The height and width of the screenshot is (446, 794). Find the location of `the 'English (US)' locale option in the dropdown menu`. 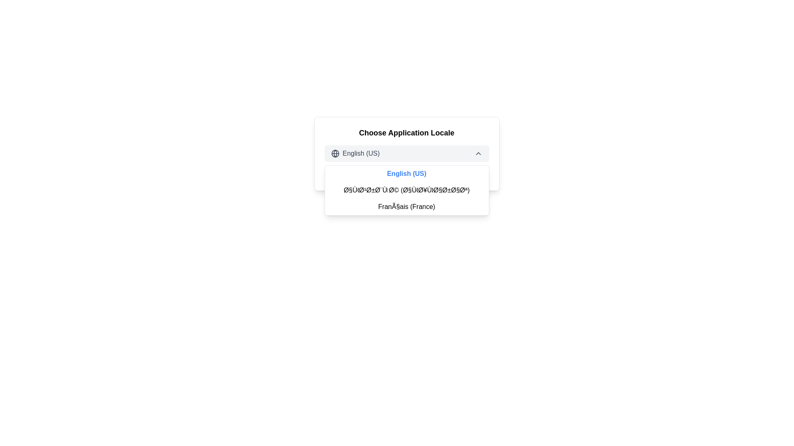

the 'English (US)' locale option in the dropdown menu is located at coordinates (407, 173).